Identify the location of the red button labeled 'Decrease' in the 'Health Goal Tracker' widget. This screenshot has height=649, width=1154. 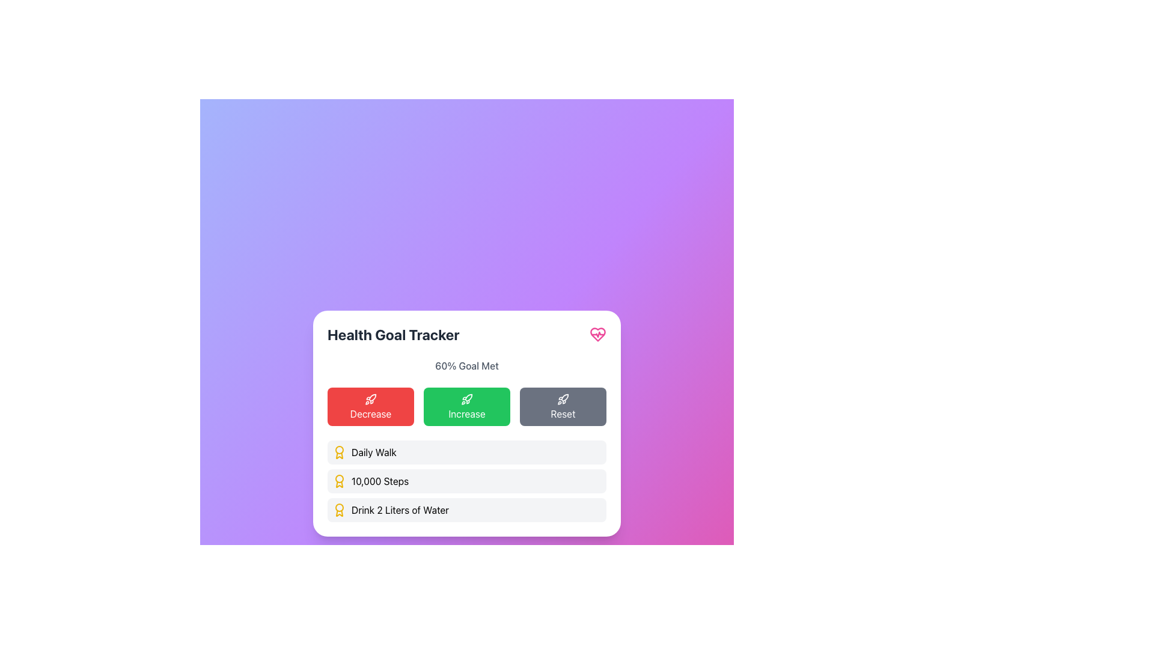
(370, 406).